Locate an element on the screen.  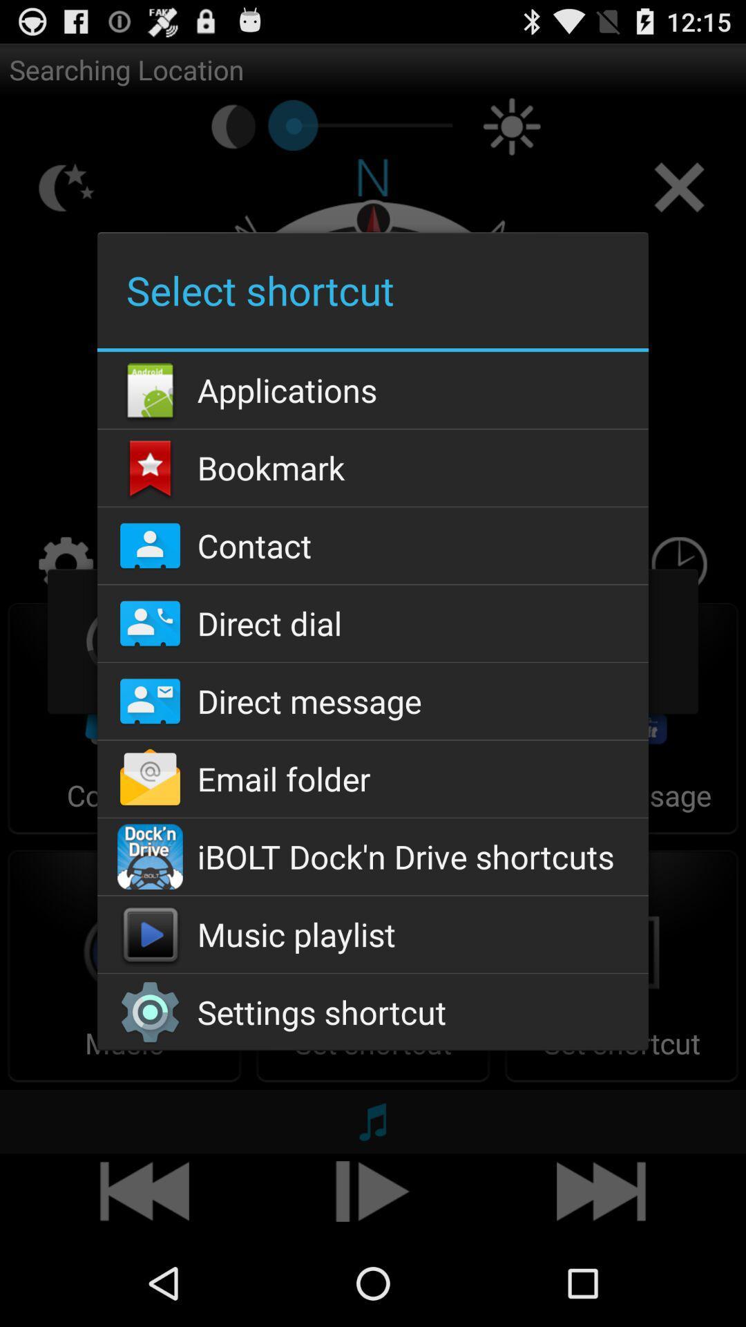
applications icon is located at coordinates (373, 389).